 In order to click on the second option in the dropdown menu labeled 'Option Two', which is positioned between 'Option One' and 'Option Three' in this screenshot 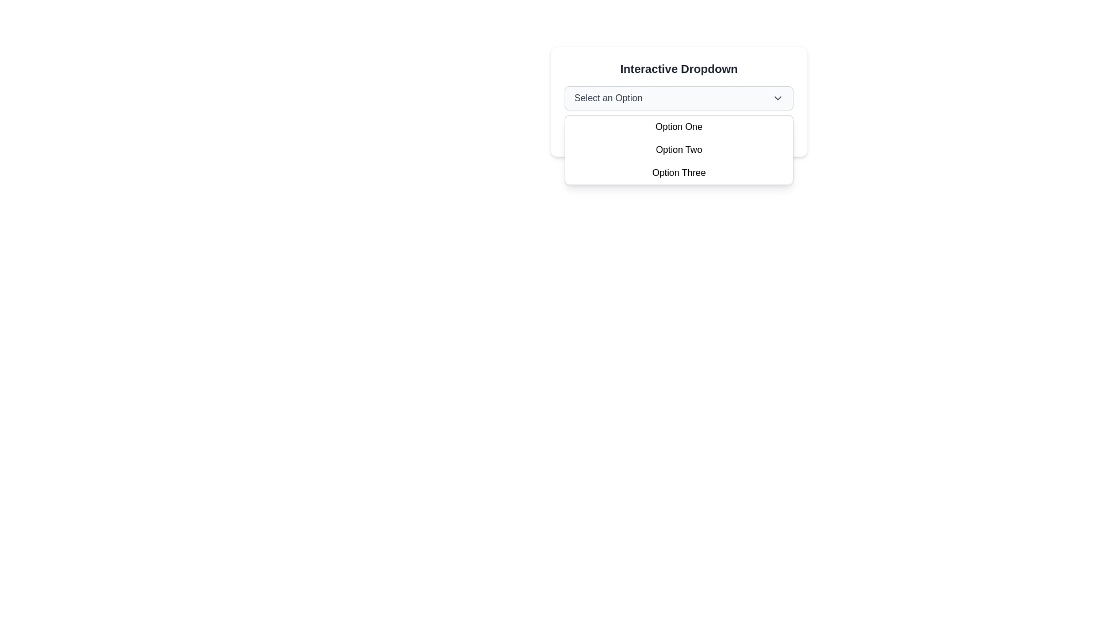, I will do `click(678, 149)`.